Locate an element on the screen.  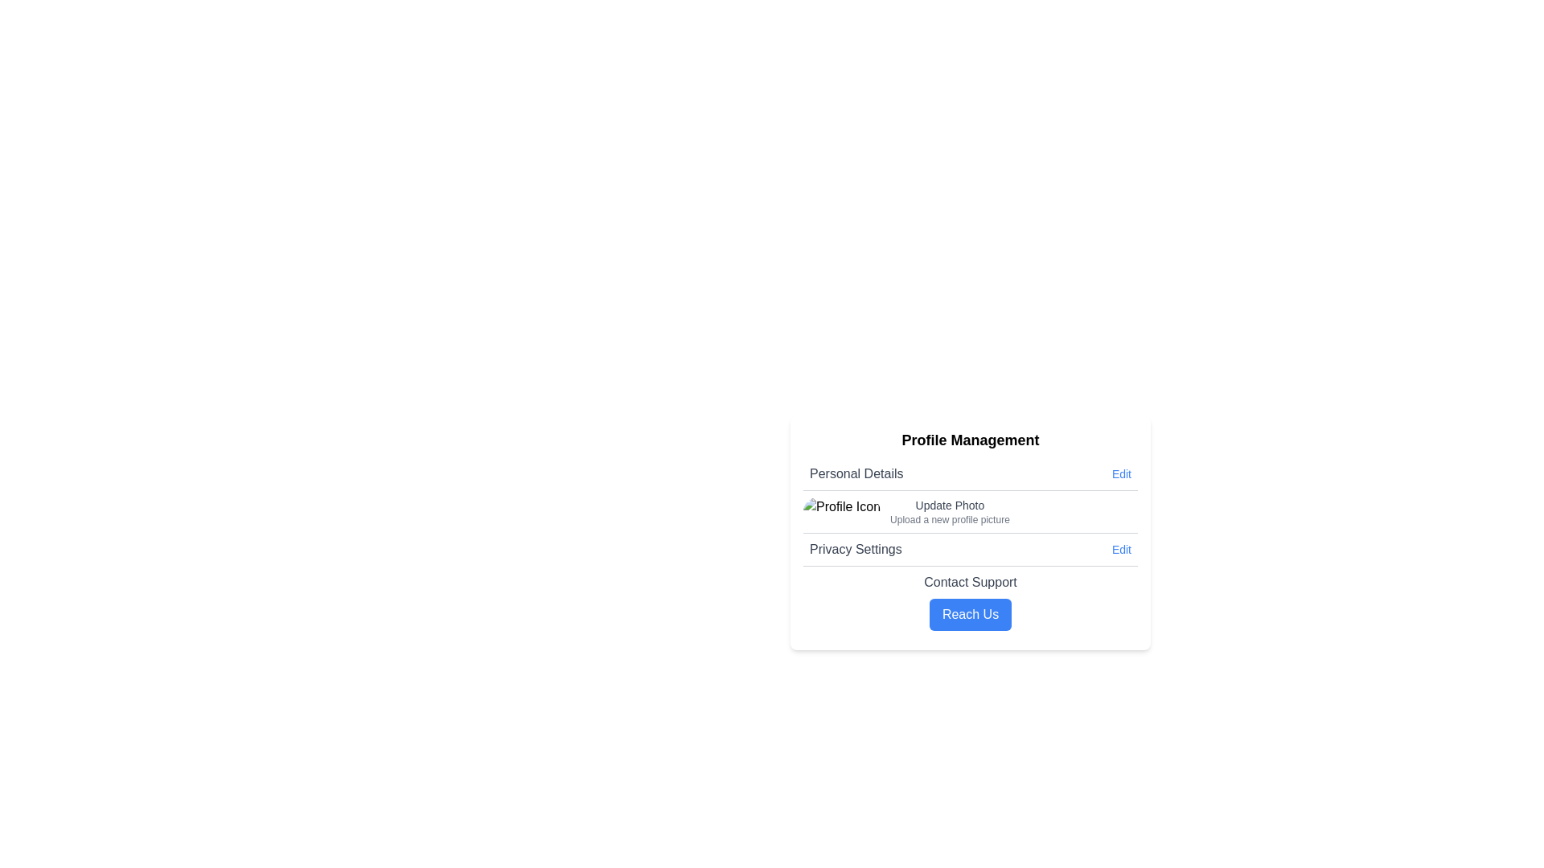
the interactive text link labeled 'Edit' located at the right end of the 'Privacy Settings' row is located at coordinates (1119, 548).